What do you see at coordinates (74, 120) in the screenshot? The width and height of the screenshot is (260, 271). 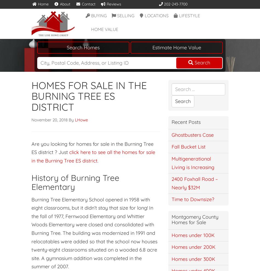 I see `'LHowe'` at bounding box center [74, 120].